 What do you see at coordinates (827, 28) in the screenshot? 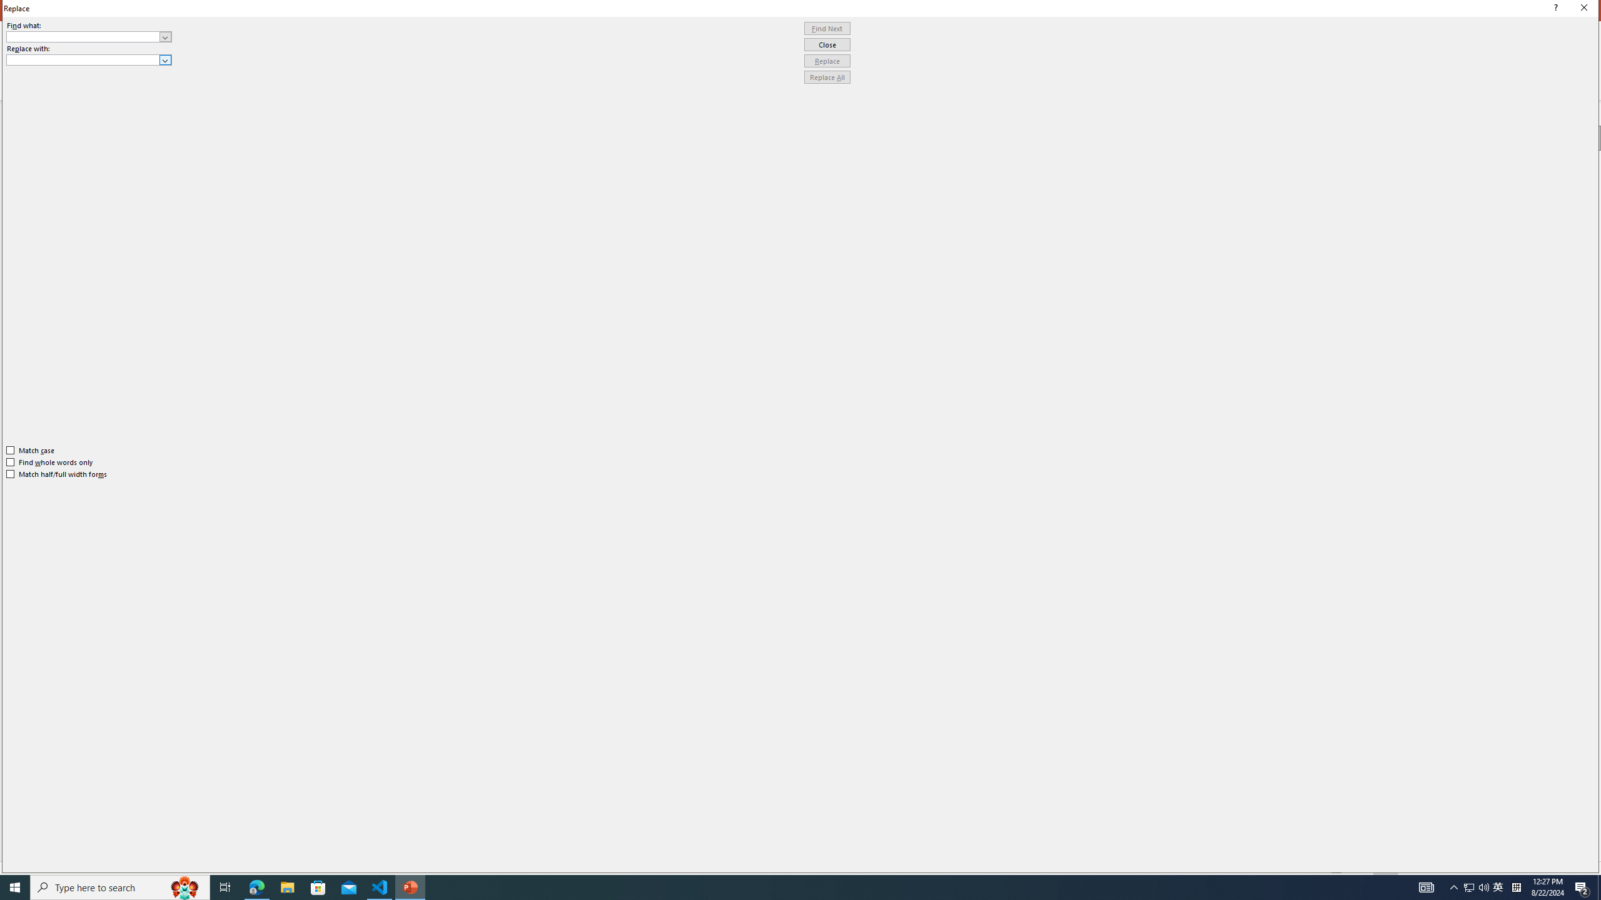
I see `'Find Next'` at bounding box center [827, 28].